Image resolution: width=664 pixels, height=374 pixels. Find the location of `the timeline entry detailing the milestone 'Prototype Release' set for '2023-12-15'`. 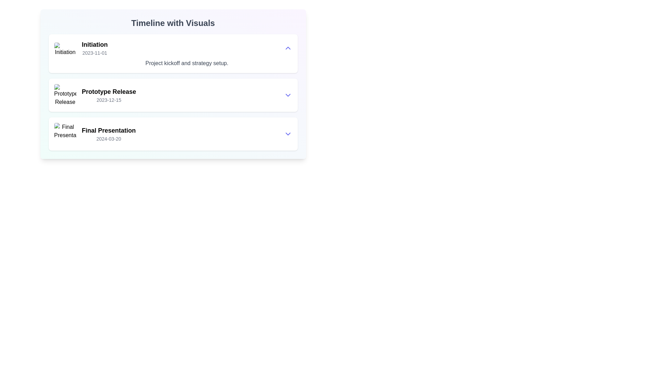

the timeline entry detailing the milestone 'Prototype Release' set for '2023-12-15' is located at coordinates (187, 95).